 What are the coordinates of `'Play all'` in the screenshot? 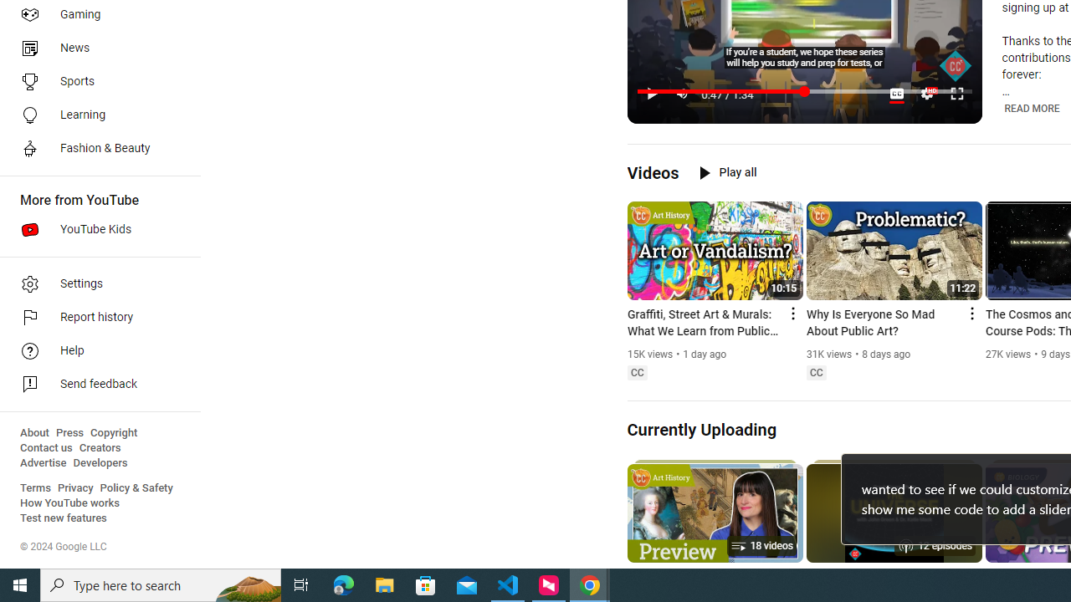 It's located at (728, 172).